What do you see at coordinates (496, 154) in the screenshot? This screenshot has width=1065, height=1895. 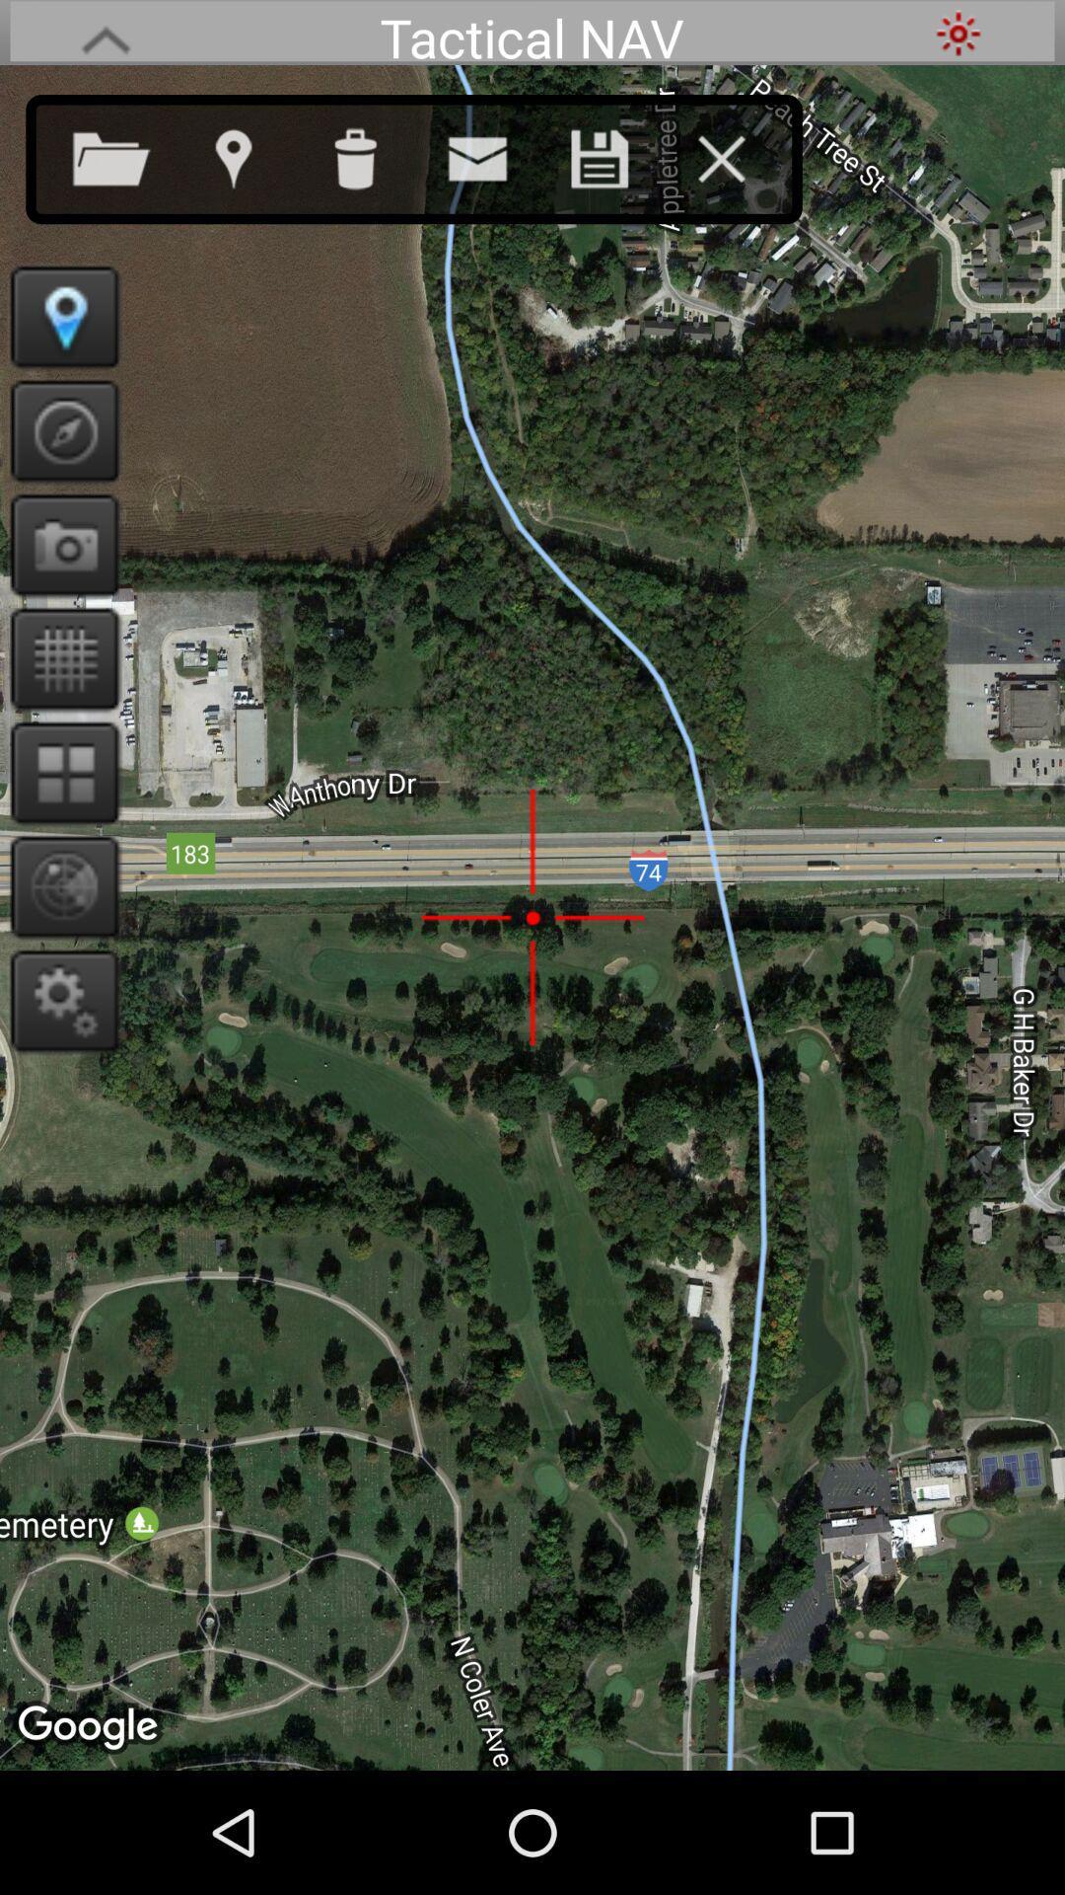 I see `email` at bounding box center [496, 154].